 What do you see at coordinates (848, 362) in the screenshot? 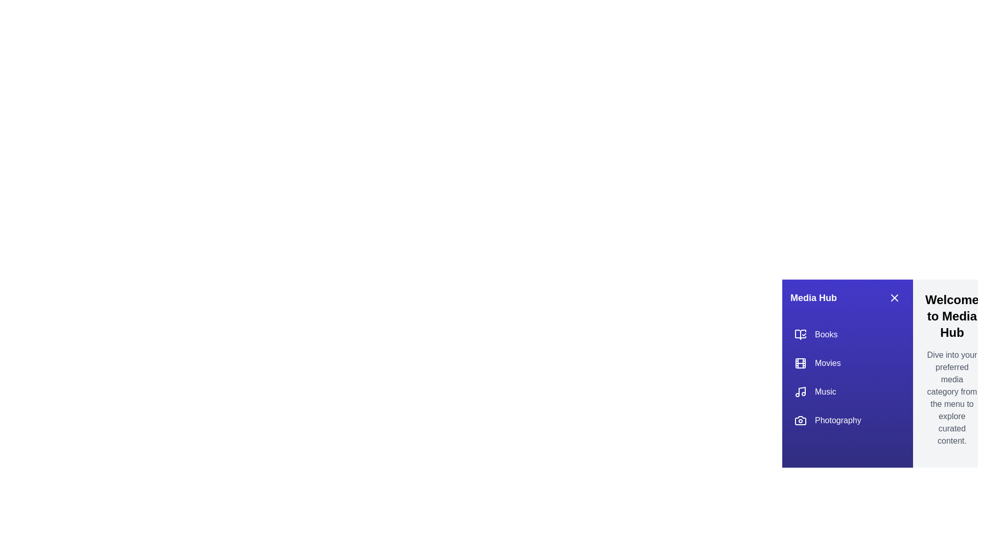
I see `the category Movies to observe the hover effect` at bounding box center [848, 362].